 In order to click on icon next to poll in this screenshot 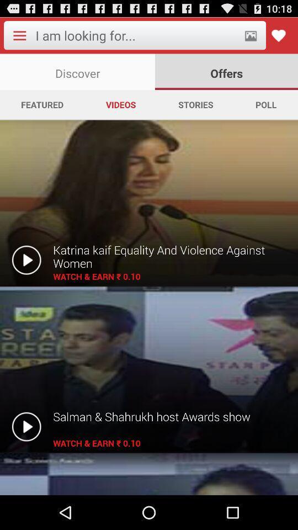, I will do `click(195, 104)`.